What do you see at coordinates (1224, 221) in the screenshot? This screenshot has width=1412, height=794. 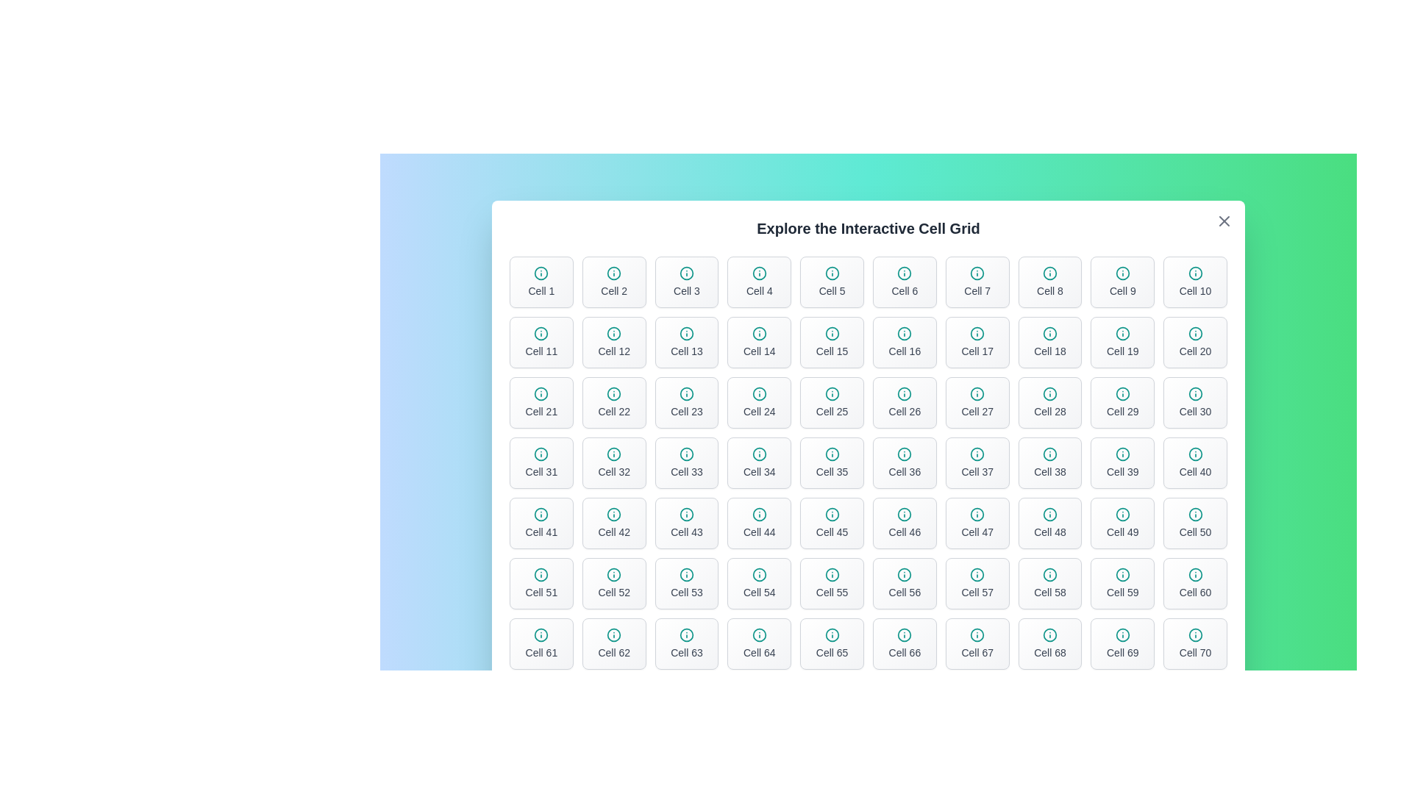 I see `'X' button in the top-right corner of the dialog to close it` at bounding box center [1224, 221].